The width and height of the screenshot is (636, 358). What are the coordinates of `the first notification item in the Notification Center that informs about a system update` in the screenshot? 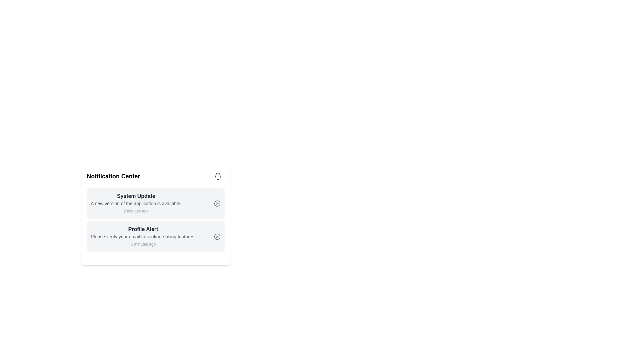 It's located at (136, 203).